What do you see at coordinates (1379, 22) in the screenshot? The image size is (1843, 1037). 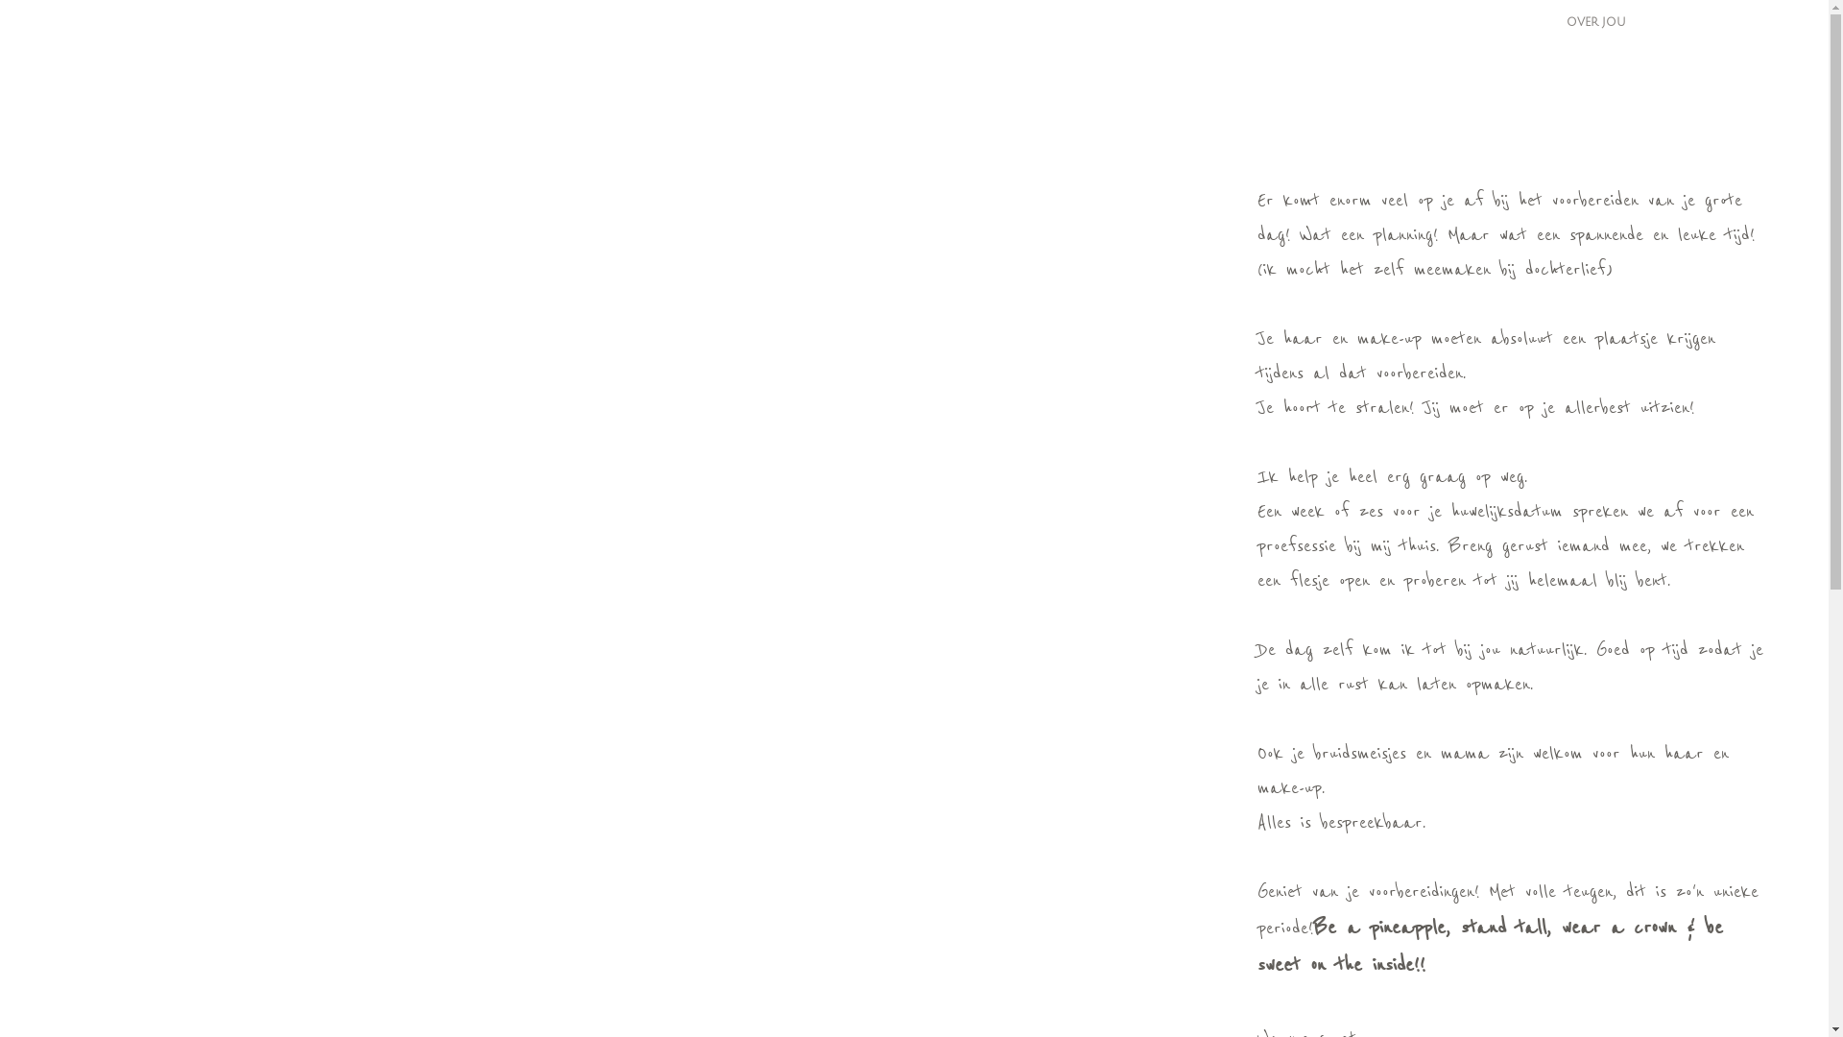 I see `'OVER MIJ'` at bounding box center [1379, 22].